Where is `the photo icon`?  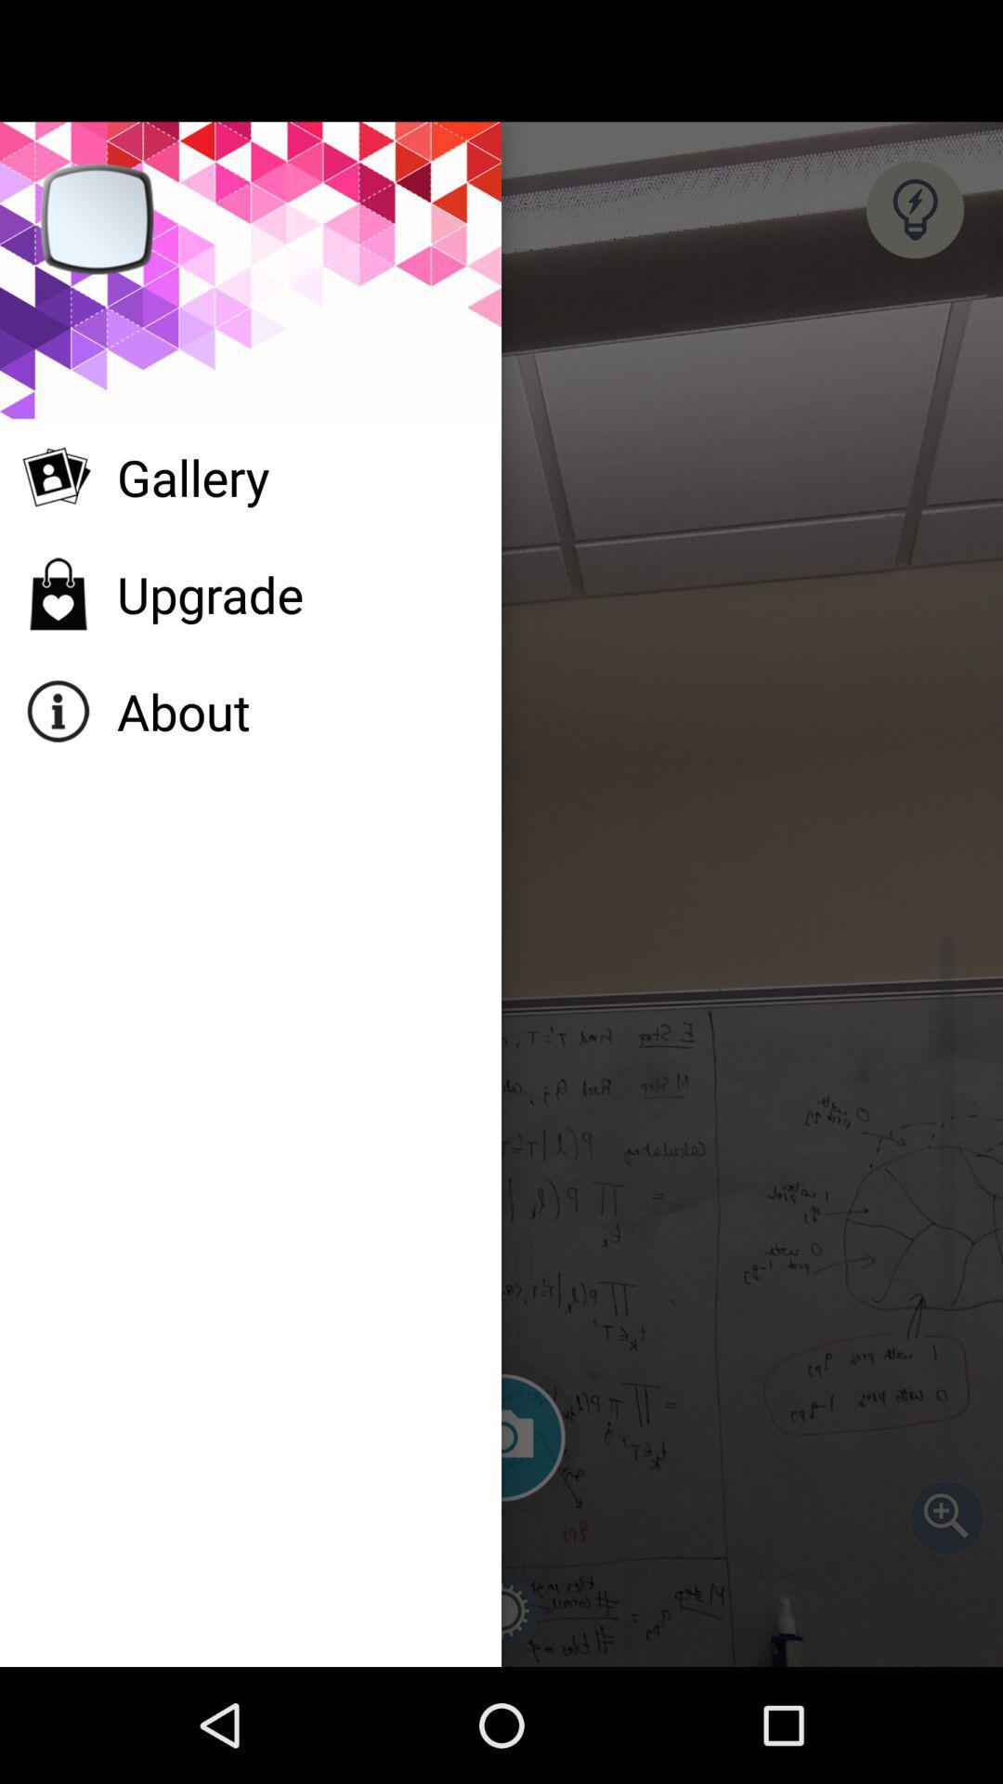 the photo icon is located at coordinates (501, 1436).